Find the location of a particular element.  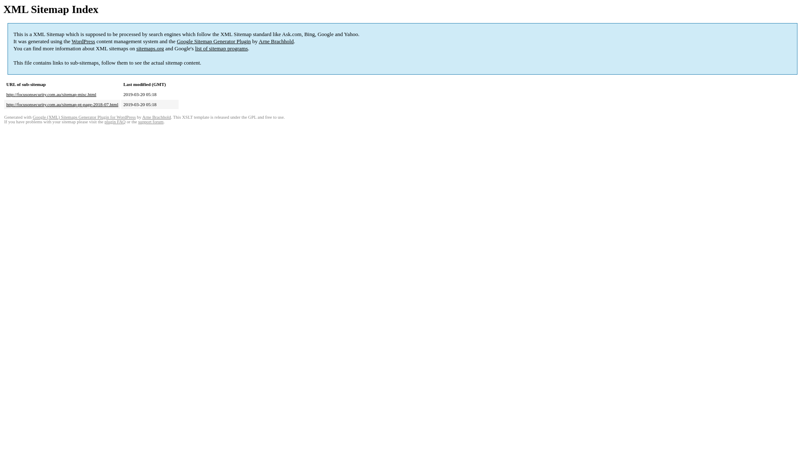

'Google (XML) Sitemaps Generator Plugin for WordPress' is located at coordinates (84, 117).